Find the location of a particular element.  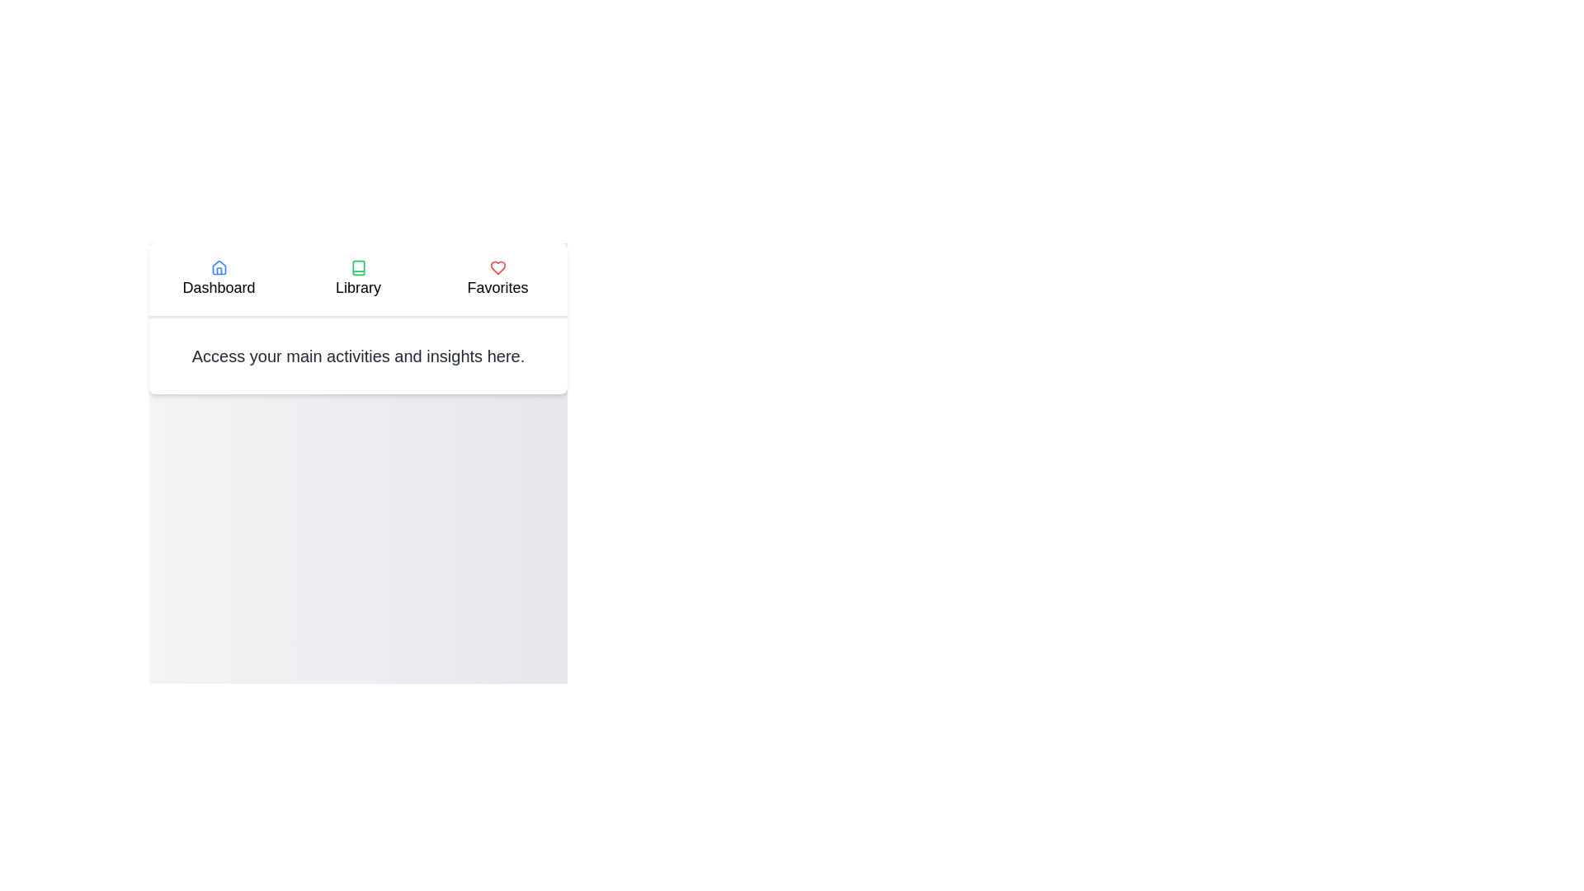

the Library tab to select it is located at coordinates (357, 279).